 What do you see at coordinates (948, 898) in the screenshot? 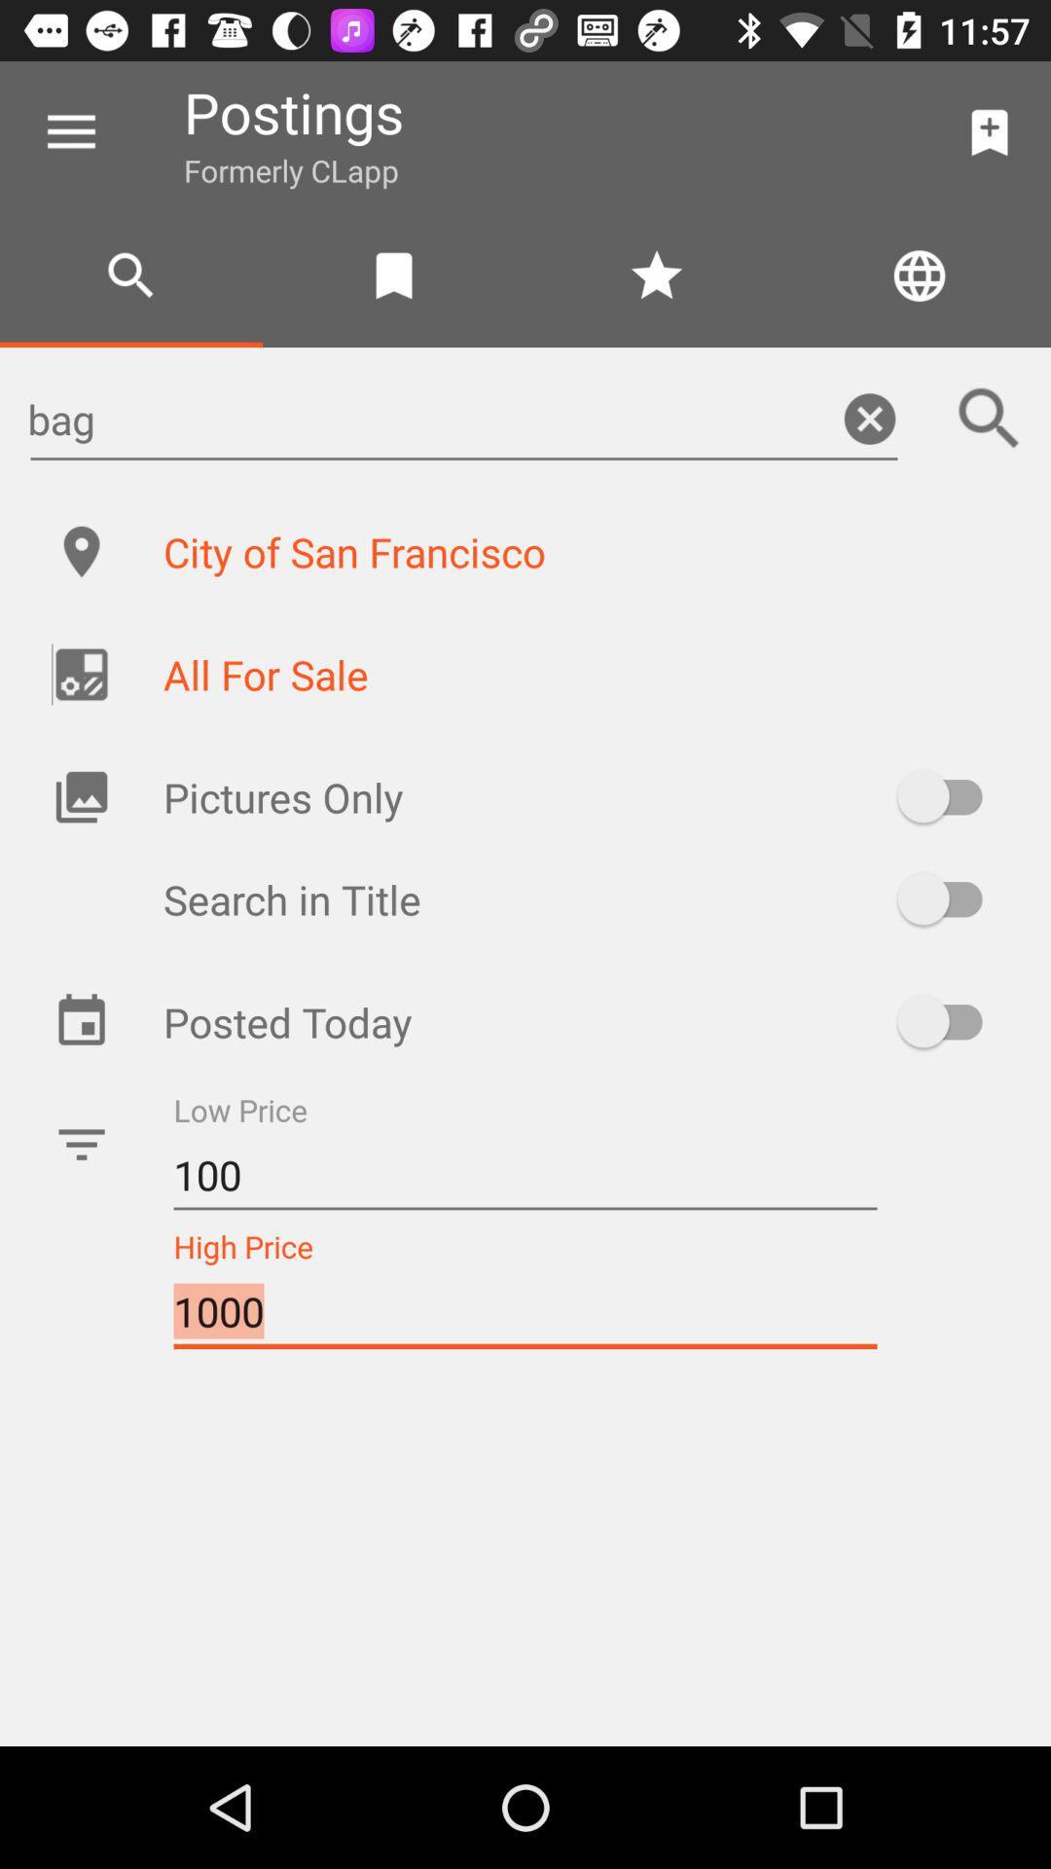
I see `search option` at bounding box center [948, 898].